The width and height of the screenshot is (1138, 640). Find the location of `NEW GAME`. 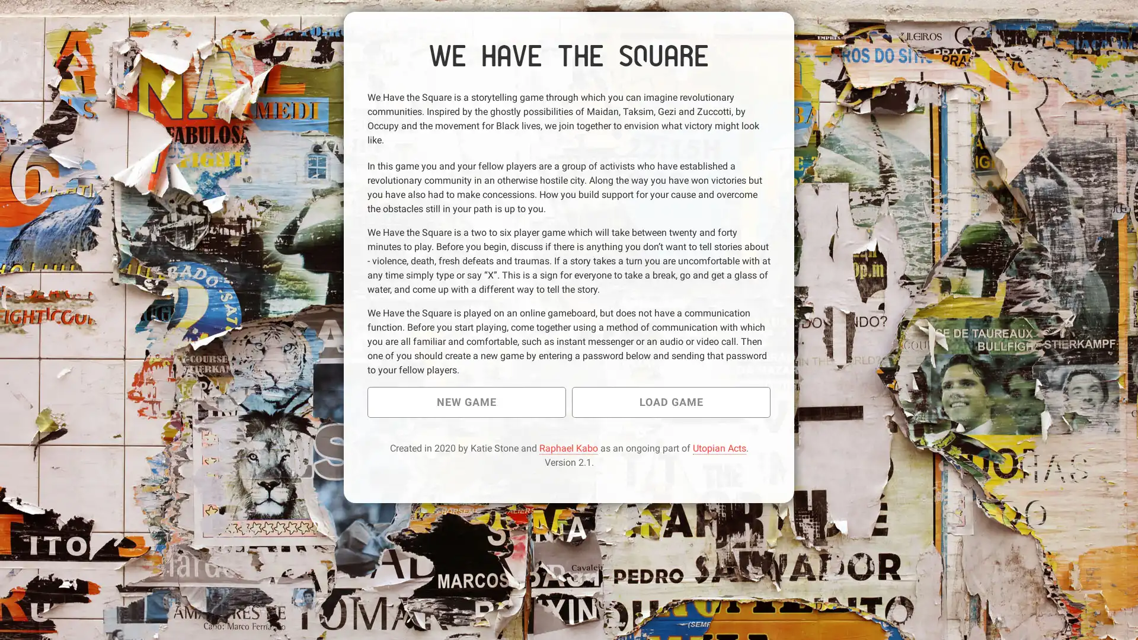

NEW GAME is located at coordinates (466, 401).